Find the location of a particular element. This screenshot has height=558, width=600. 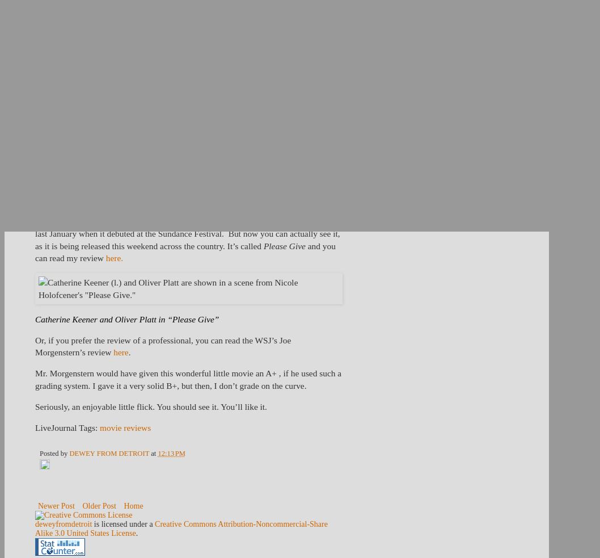

'I don’t usually do this, but if you must go to a movie this weekend to erase part of this week’s reality, I have a recommendation for you. Actually, the recommendation is from last January when it debuted at the Sundance Festival.  But now you can actually see it, as it is being released this weekend across the country. It’s called' is located at coordinates (187, 226).